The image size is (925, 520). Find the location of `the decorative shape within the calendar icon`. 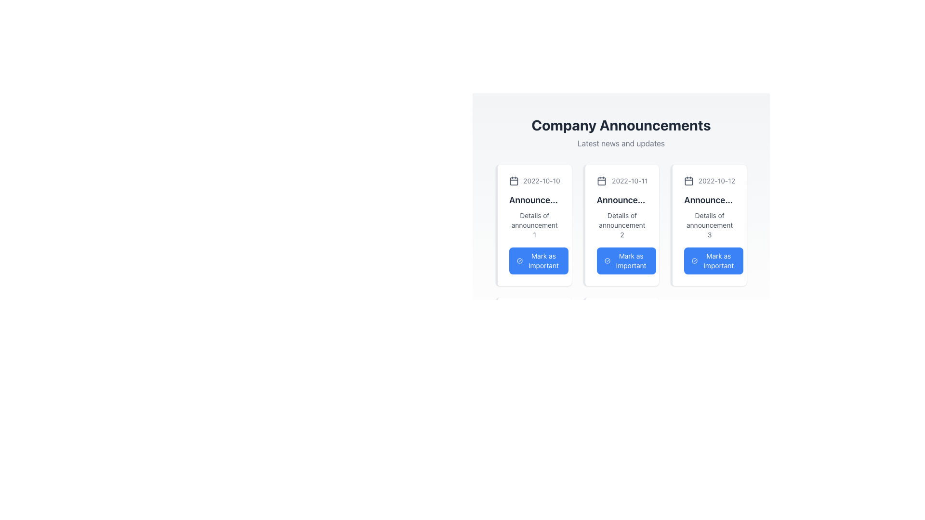

the decorative shape within the calendar icon is located at coordinates (513, 181).